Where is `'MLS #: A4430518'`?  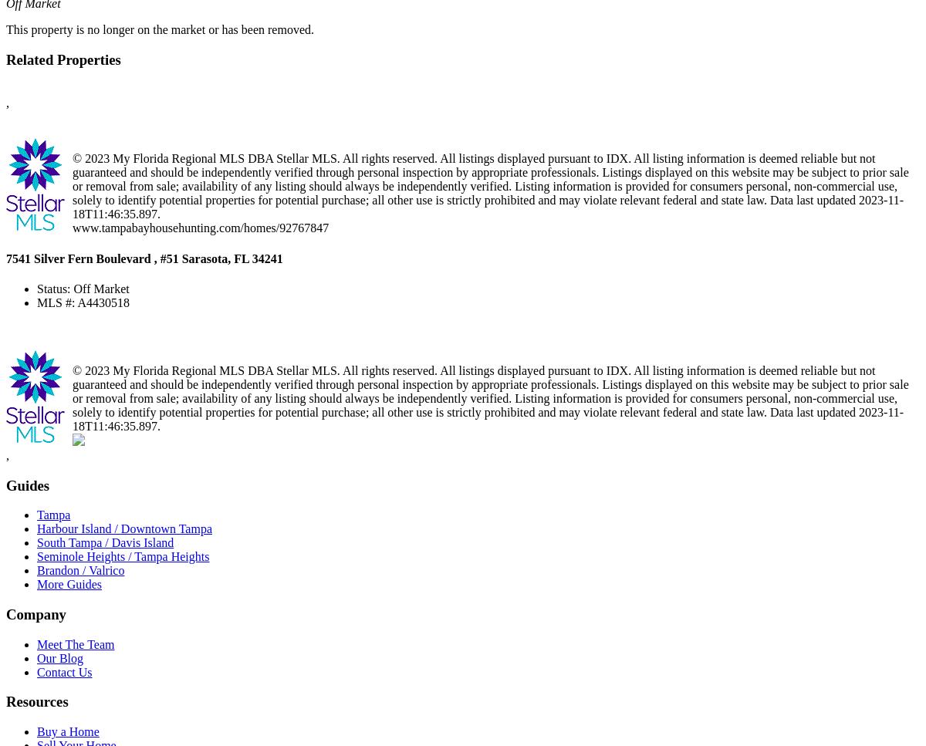
'MLS #: A4430518' is located at coordinates (83, 302).